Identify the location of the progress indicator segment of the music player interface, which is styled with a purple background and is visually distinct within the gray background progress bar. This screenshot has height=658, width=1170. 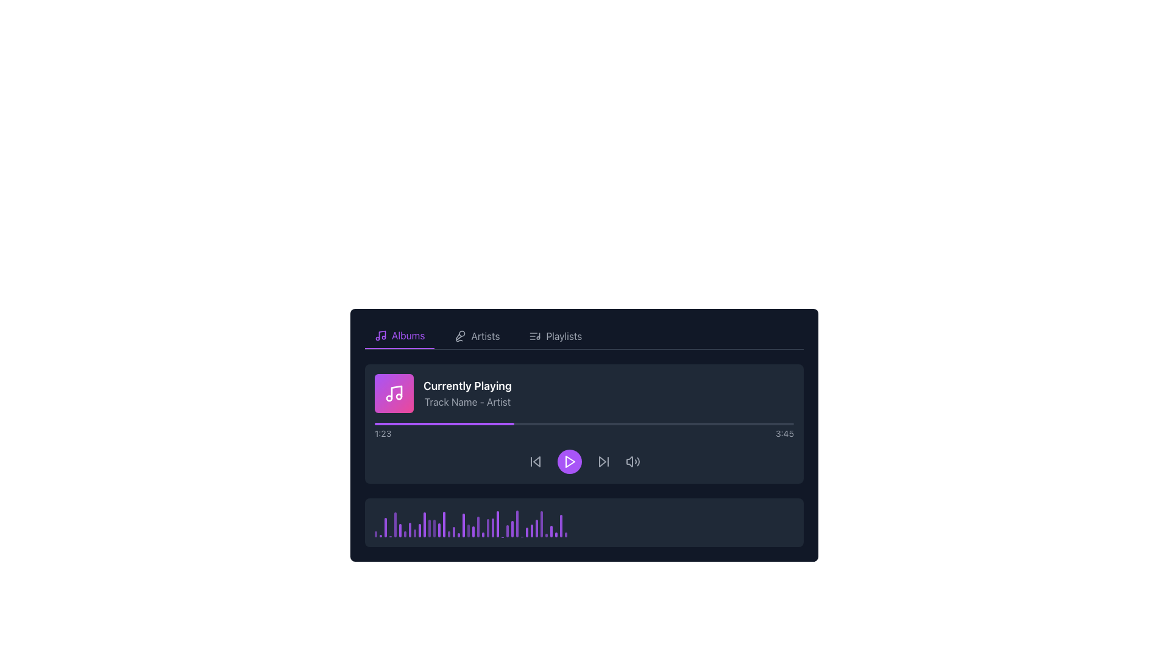
(444, 423).